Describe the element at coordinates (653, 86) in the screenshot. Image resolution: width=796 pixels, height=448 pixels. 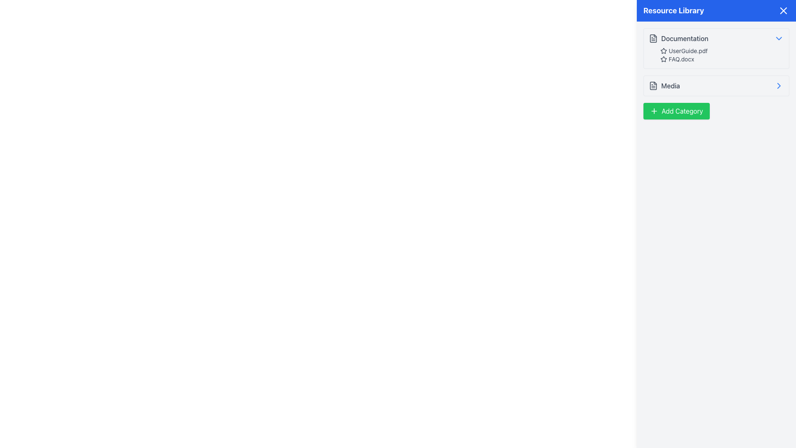
I see `the document icon located in the 'Resource Library' section, which is styled in a minimalist outline with a gray color, positioned to the left of the text 'Media'` at that location.